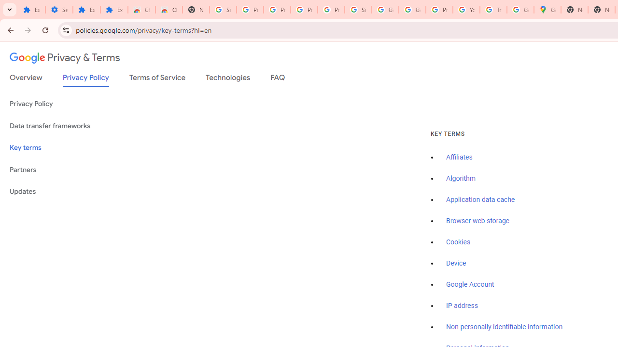  Describe the element at coordinates (458, 241) in the screenshot. I see `'Cookies'` at that location.